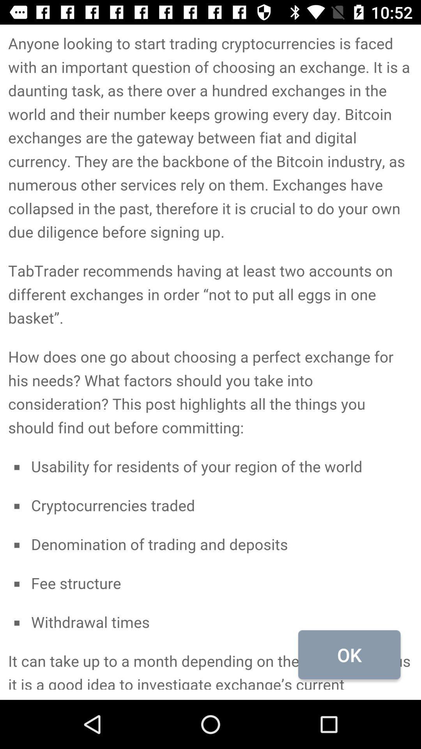  Describe the element at coordinates (349, 655) in the screenshot. I see `ok icon` at that location.